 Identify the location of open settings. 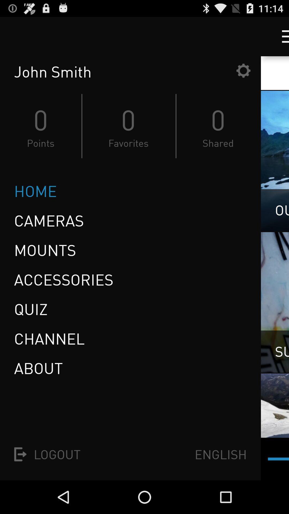
(243, 70).